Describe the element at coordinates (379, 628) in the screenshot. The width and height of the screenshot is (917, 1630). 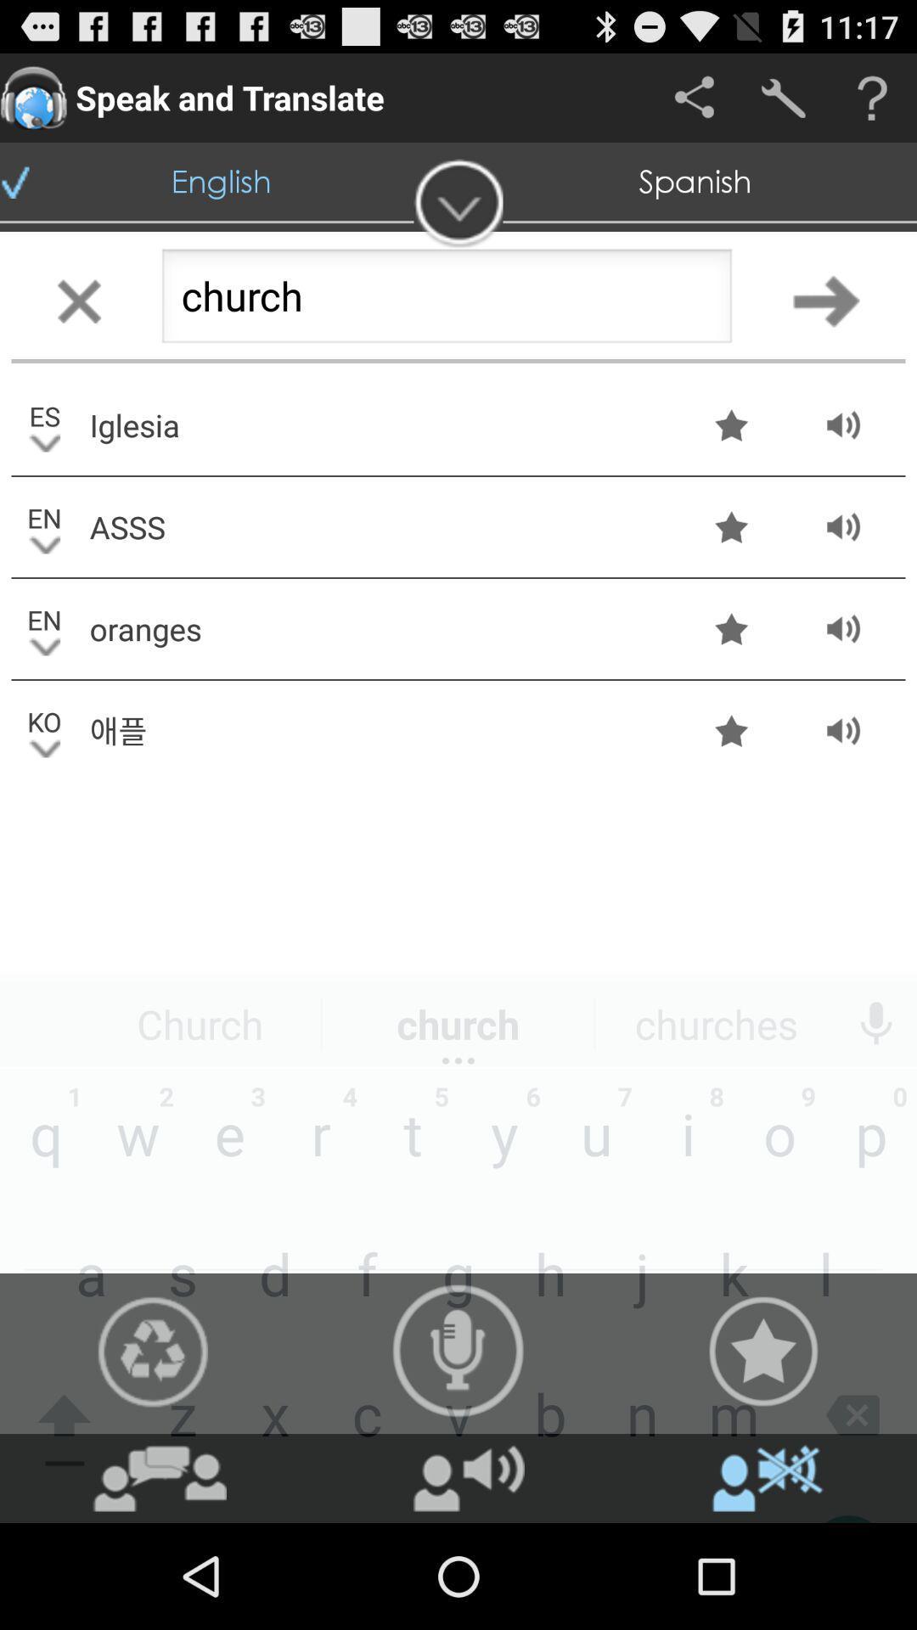
I see `move to the text oranges` at that location.